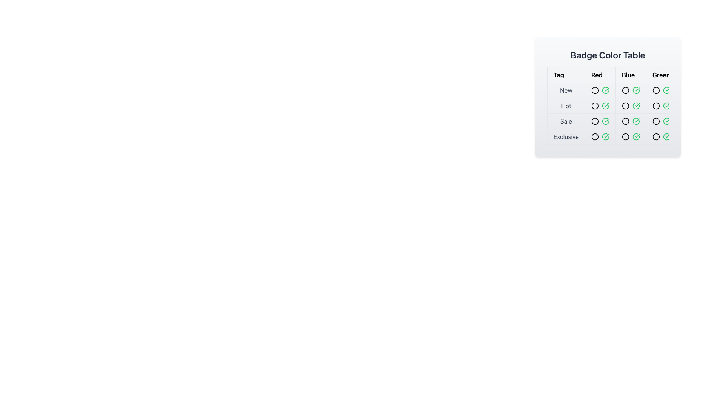  I want to click on the circular green icon with a check mark inside, located in the 'Badge Color Table' under the 'Exclusive' row and the 'Green' column, so click(636, 136).